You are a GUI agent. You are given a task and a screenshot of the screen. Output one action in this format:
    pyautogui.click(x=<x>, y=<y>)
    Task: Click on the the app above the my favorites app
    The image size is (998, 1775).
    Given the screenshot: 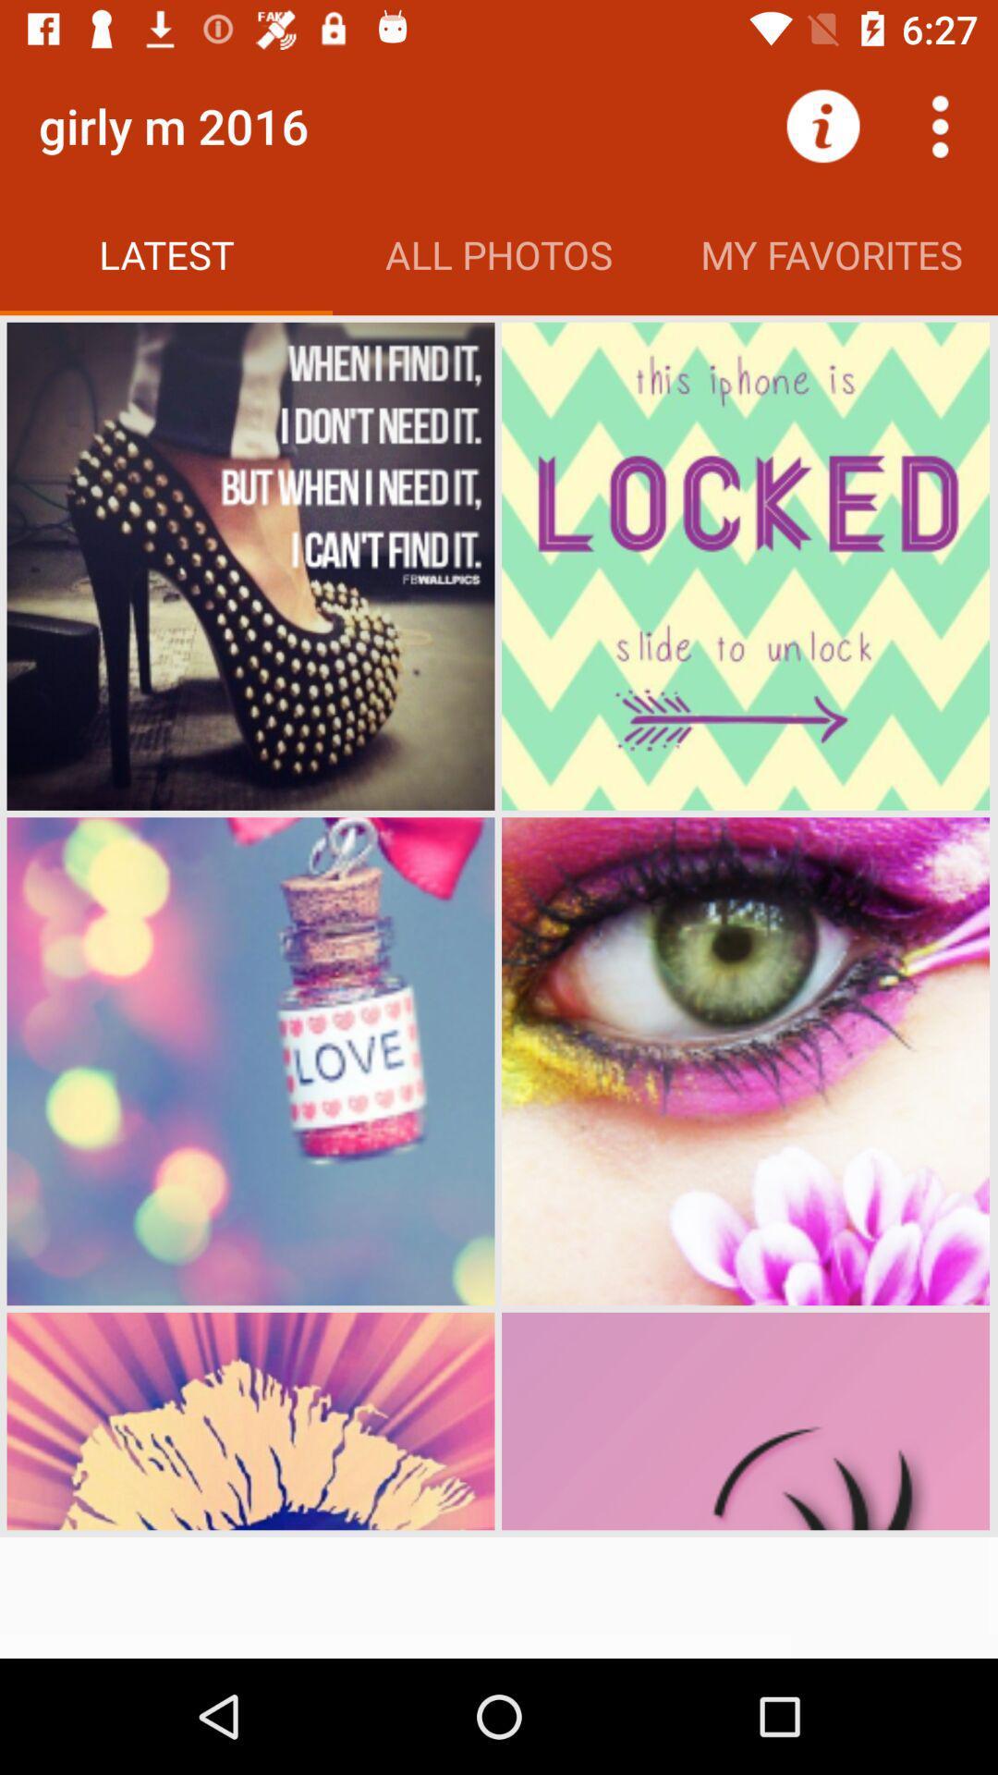 What is the action you would take?
    pyautogui.click(x=940, y=125)
    